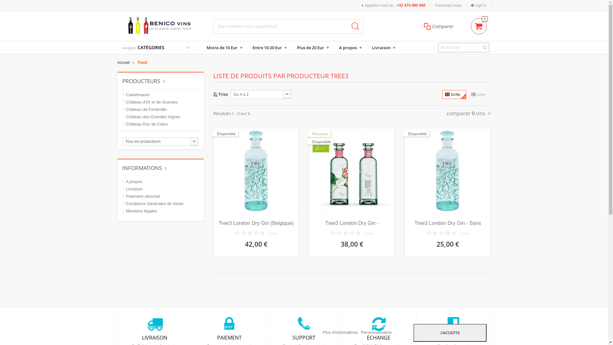 This screenshot has width=613, height=345. Describe the element at coordinates (448, 5) in the screenshot. I see `'Contactez-nous'` at that location.